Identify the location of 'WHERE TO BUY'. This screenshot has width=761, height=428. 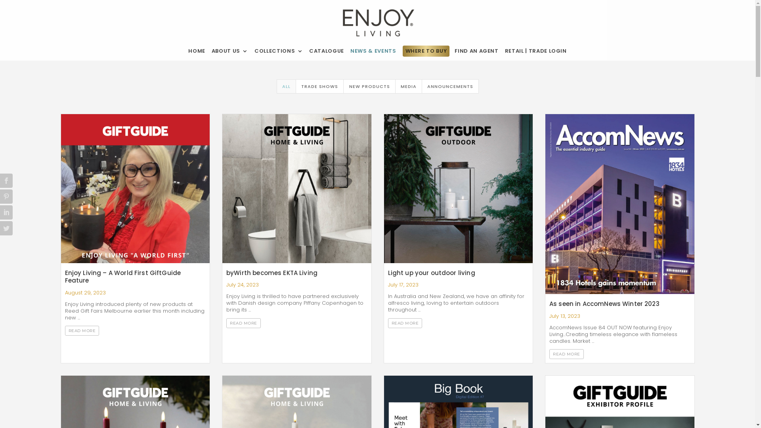
(425, 51).